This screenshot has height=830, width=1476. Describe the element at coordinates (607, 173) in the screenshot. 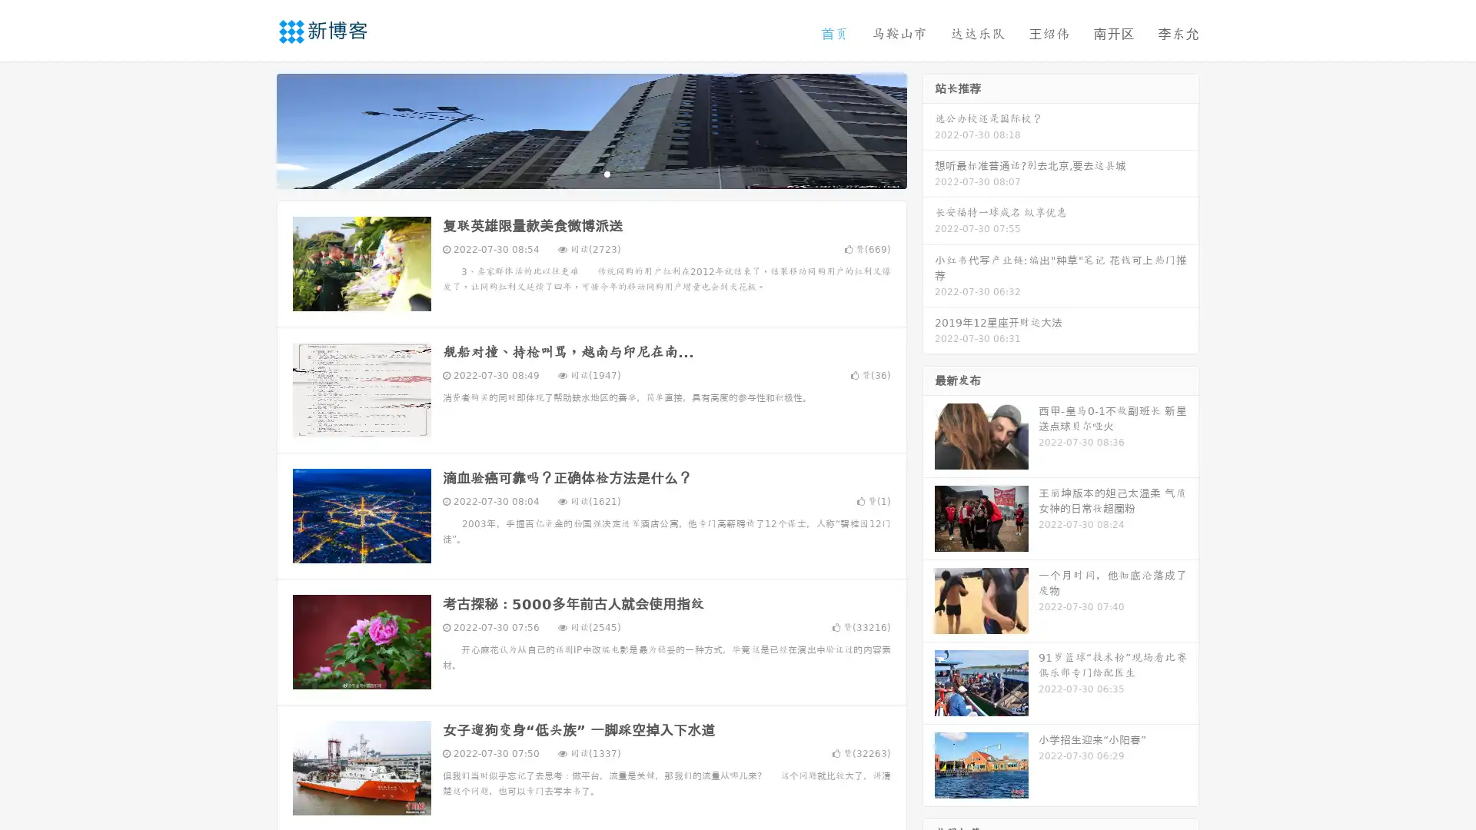

I see `Go to slide 3` at that location.